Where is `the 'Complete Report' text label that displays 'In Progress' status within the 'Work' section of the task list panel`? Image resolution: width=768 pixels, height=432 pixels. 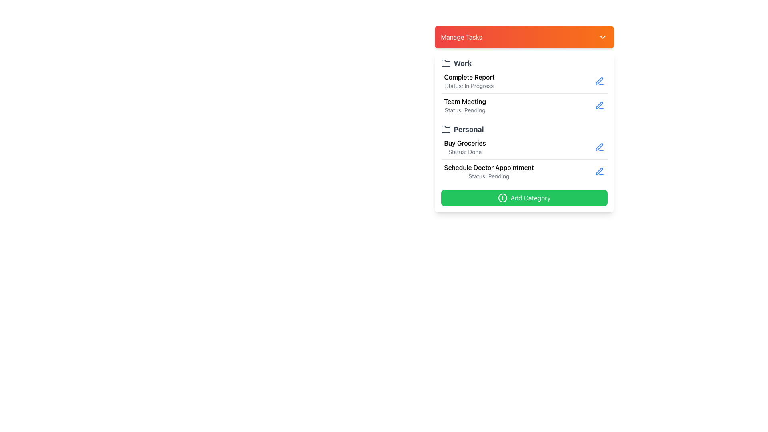 the 'Complete Report' text label that displays 'In Progress' status within the 'Work' section of the task list panel is located at coordinates (469, 77).